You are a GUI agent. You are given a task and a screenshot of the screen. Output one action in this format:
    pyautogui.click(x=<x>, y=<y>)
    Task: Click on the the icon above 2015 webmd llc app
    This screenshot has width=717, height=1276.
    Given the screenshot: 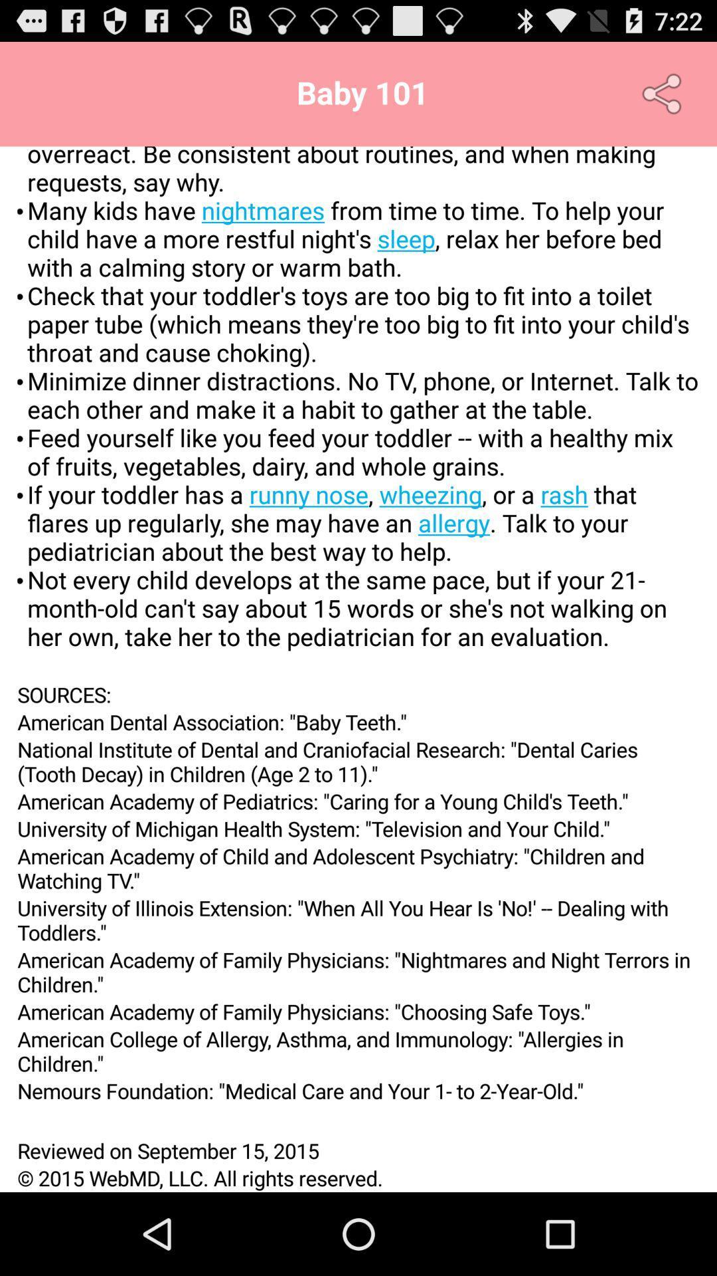 What is the action you would take?
    pyautogui.click(x=358, y=1150)
    